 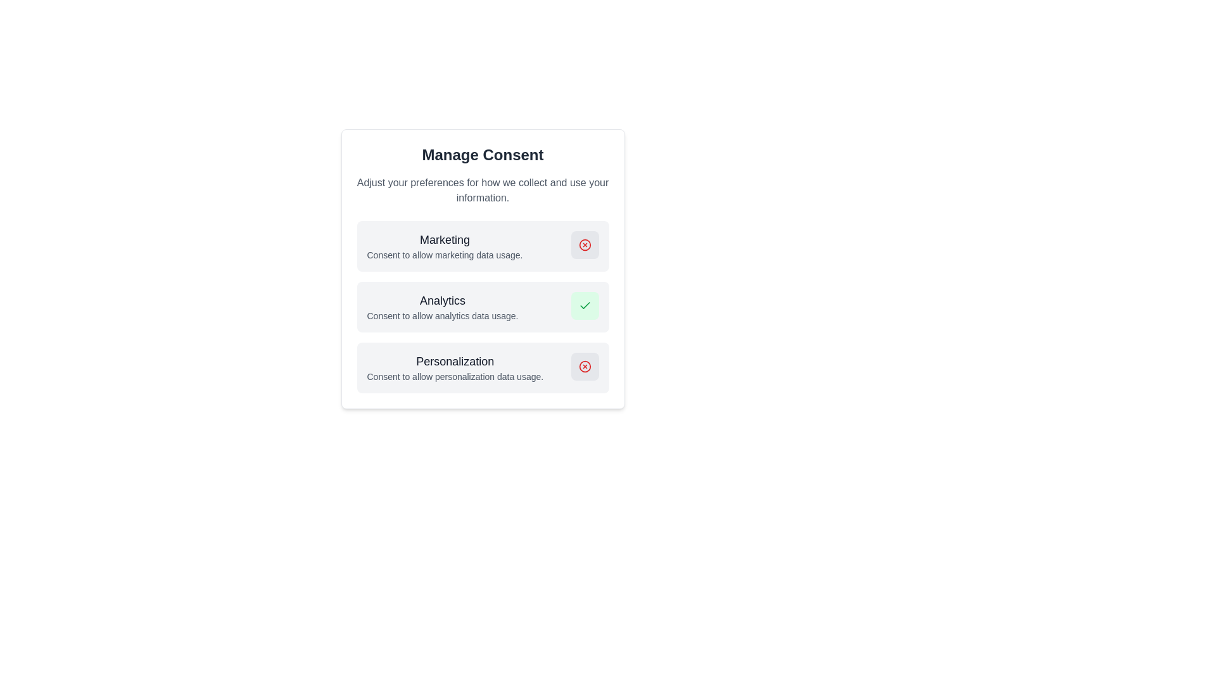 I want to click on the green checkmark icon with a light green background positioned near the 'Analytics' label in the 'Manage Consent' panel, so click(x=584, y=305).